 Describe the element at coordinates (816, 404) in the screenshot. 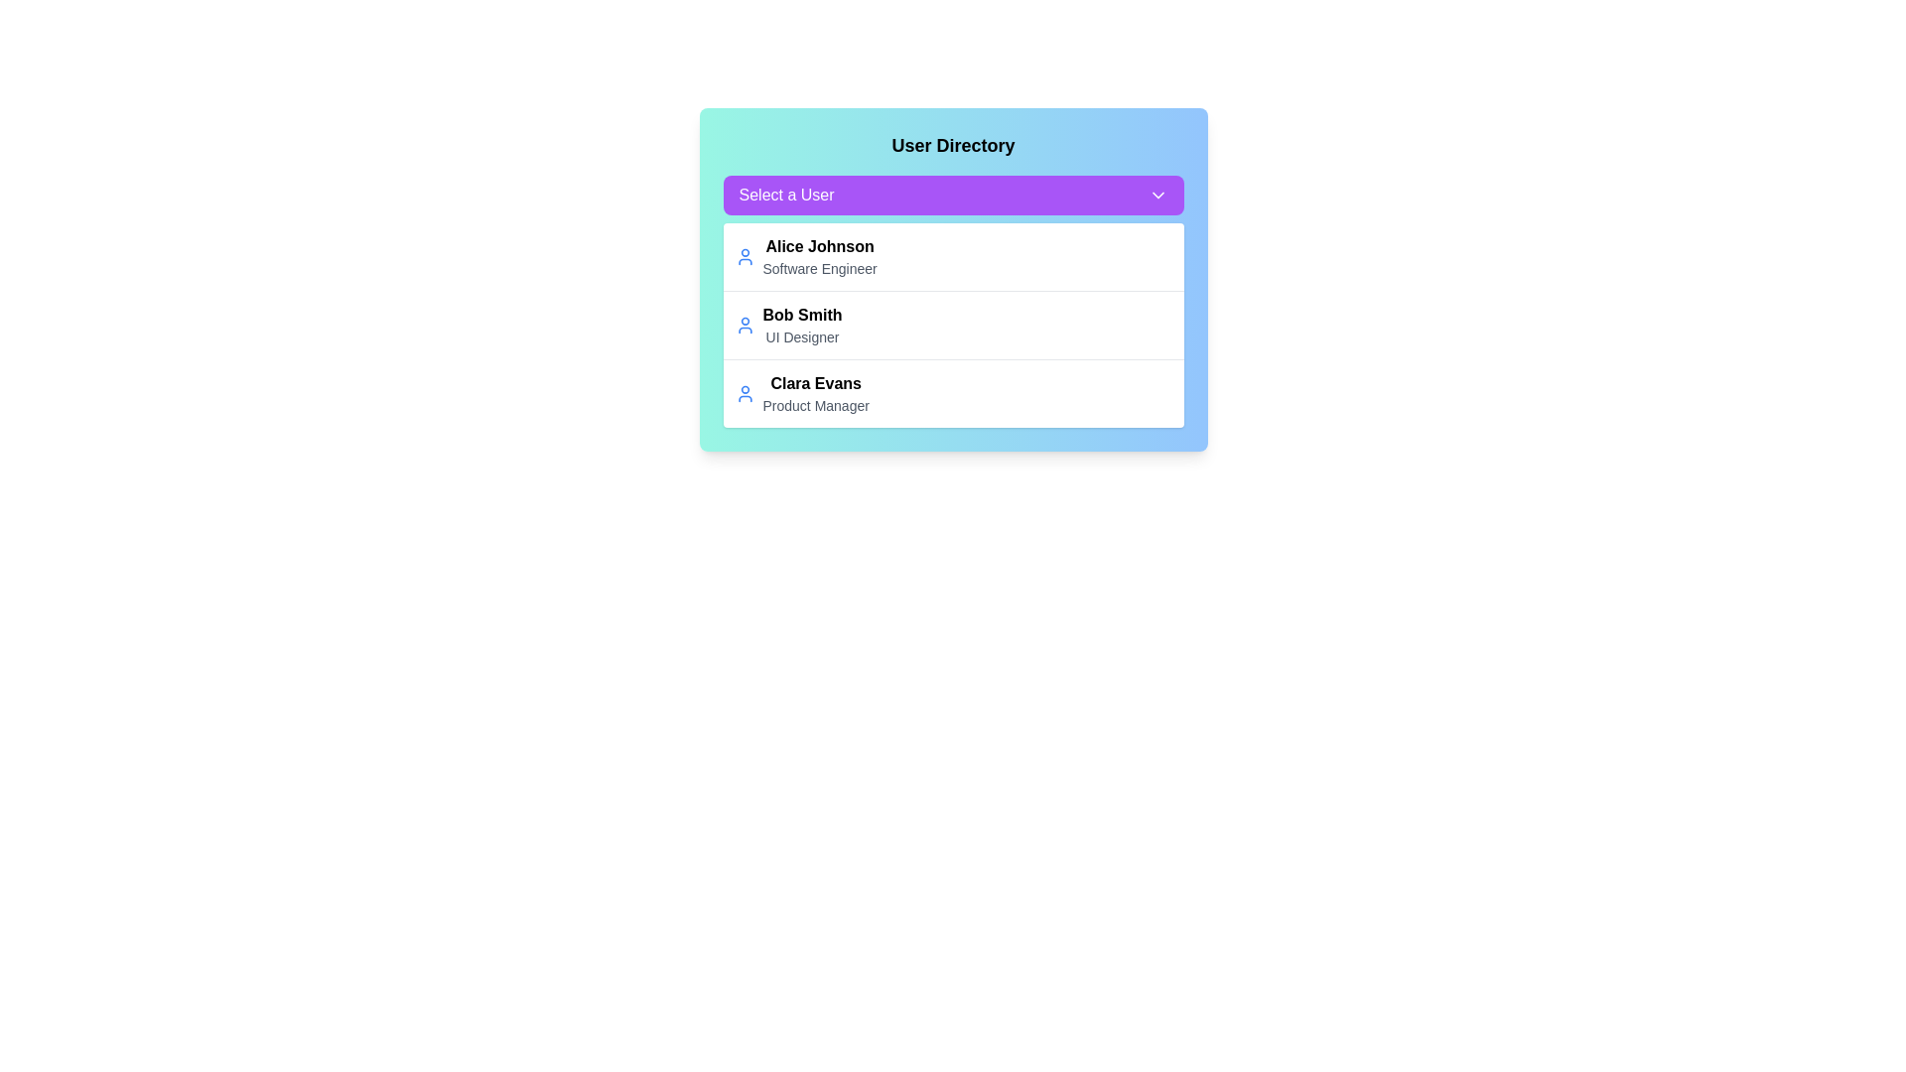

I see `the text label displaying the job title 'Product Manager' for the user 'Clara Evans', which is positioned beneath the name in the User Directory list` at that location.